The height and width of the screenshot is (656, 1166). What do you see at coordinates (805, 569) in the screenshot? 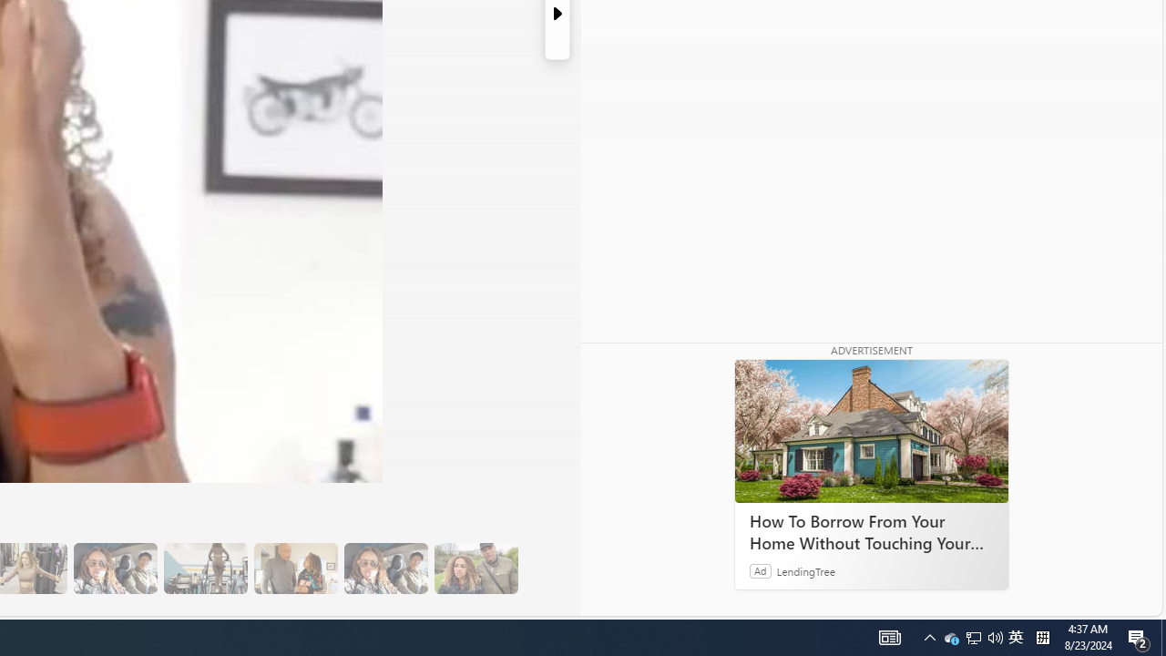
I see `'LendingTree'` at bounding box center [805, 569].